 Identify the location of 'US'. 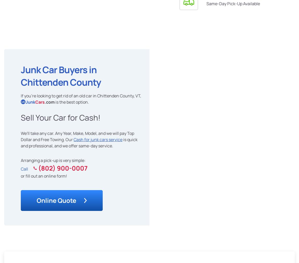
(23, 101).